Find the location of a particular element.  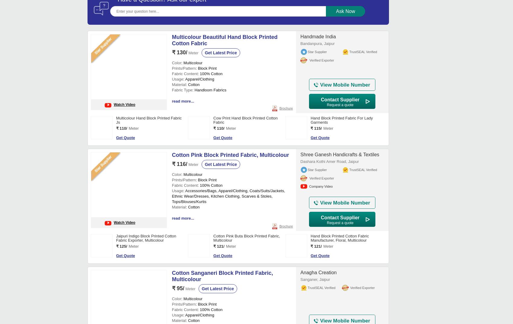

'Fabric Type' is located at coordinates (181, 275).